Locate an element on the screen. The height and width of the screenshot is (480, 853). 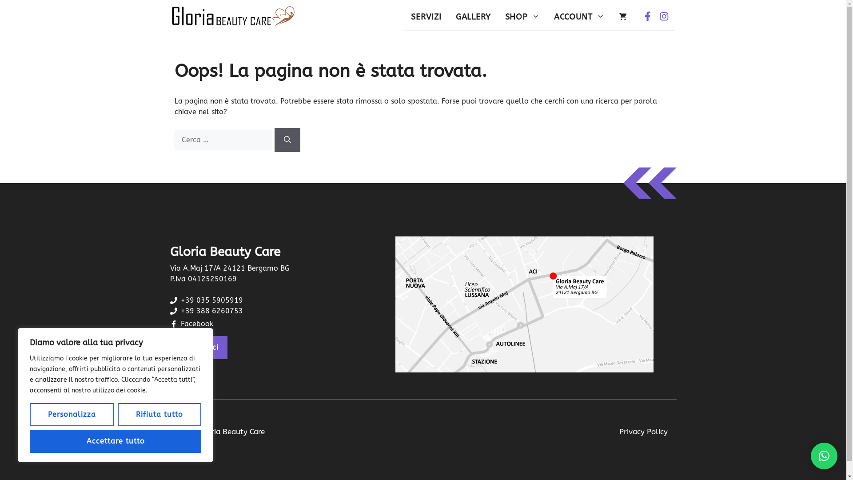
'Contattaci' is located at coordinates (198, 347).